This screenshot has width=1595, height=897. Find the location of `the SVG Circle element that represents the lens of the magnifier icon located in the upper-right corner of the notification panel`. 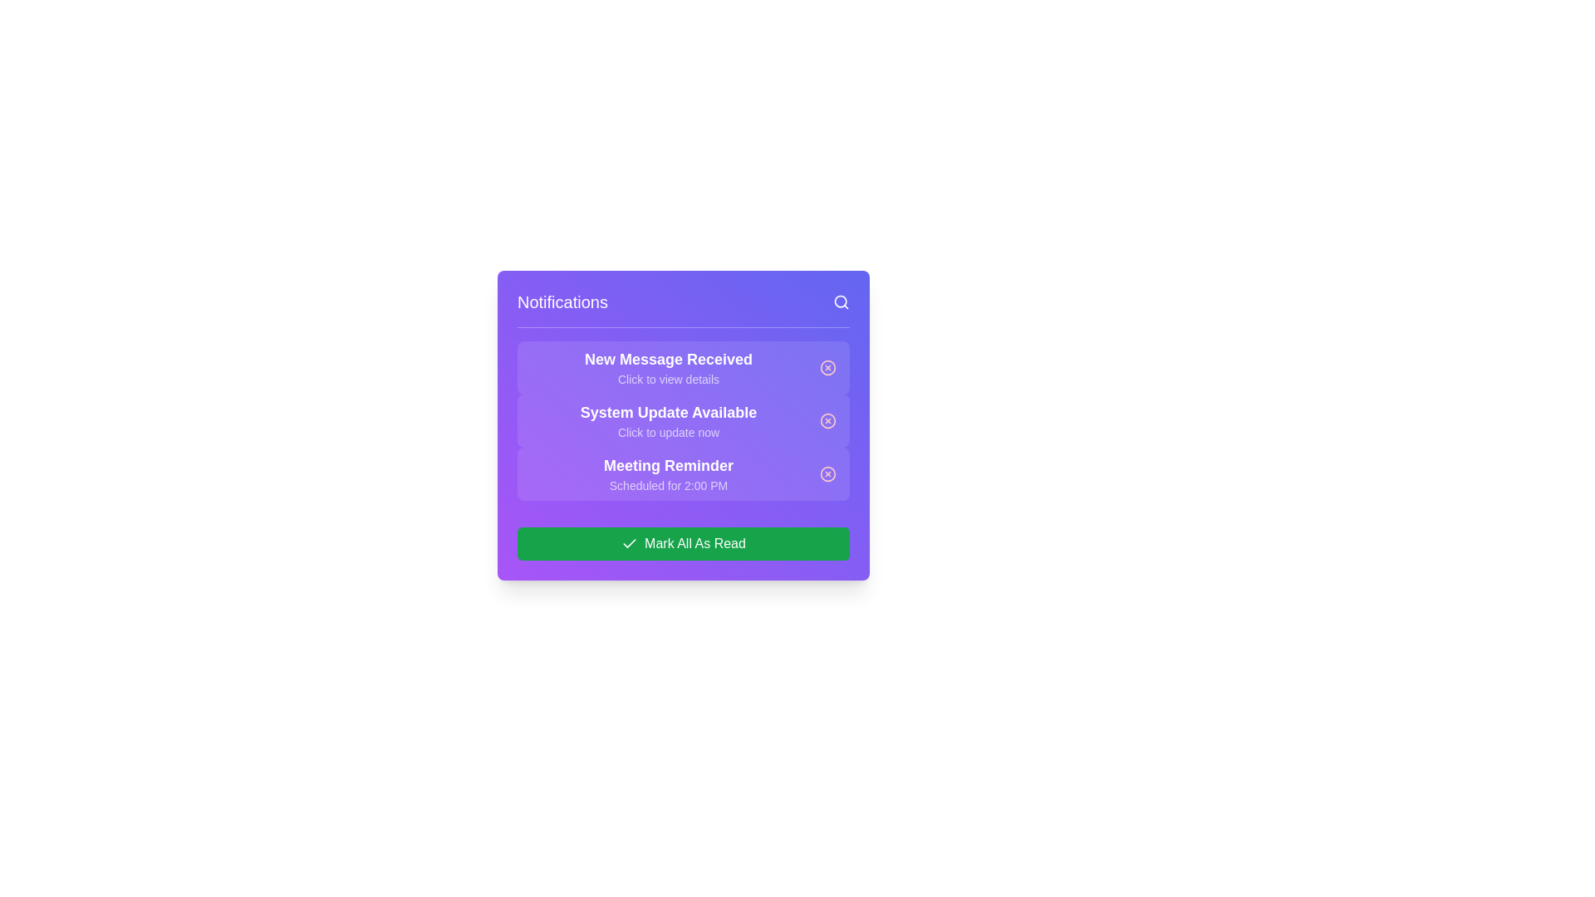

the SVG Circle element that represents the lens of the magnifier icon located in the upper-right corner of the notification panel is located at coordinates (841, 301).